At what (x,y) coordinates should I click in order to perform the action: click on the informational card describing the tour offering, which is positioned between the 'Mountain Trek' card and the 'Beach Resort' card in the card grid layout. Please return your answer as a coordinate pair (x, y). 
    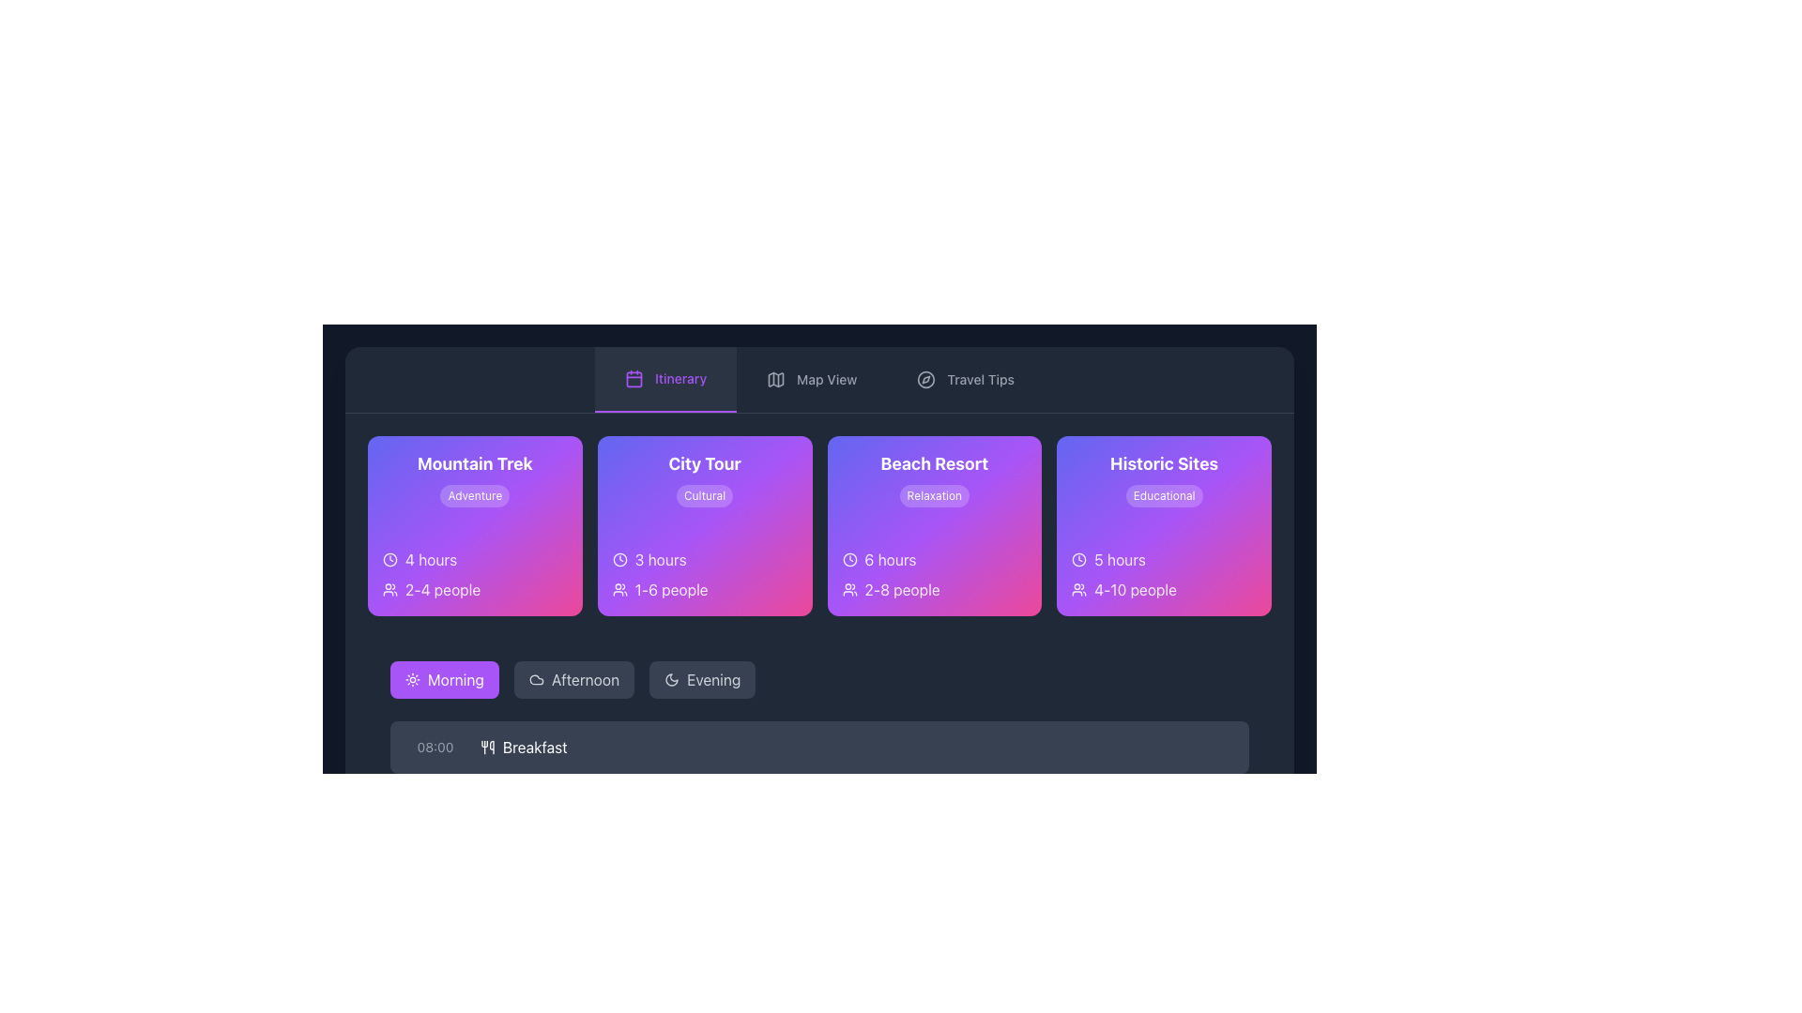
    Looking at the image, I should click on (704, 525).